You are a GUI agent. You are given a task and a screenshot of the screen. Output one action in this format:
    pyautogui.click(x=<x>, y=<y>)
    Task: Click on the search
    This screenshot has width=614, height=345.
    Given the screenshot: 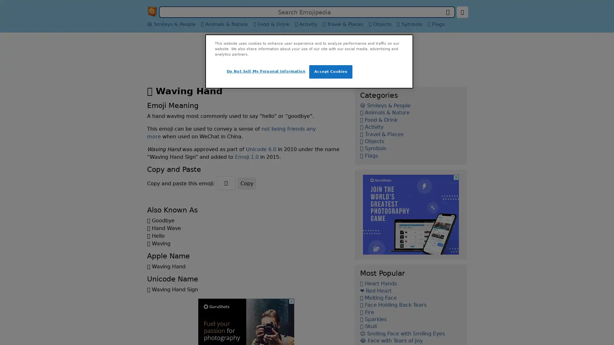 What is the action you would take?
    pyautogui.click(x=447, y=12)
    